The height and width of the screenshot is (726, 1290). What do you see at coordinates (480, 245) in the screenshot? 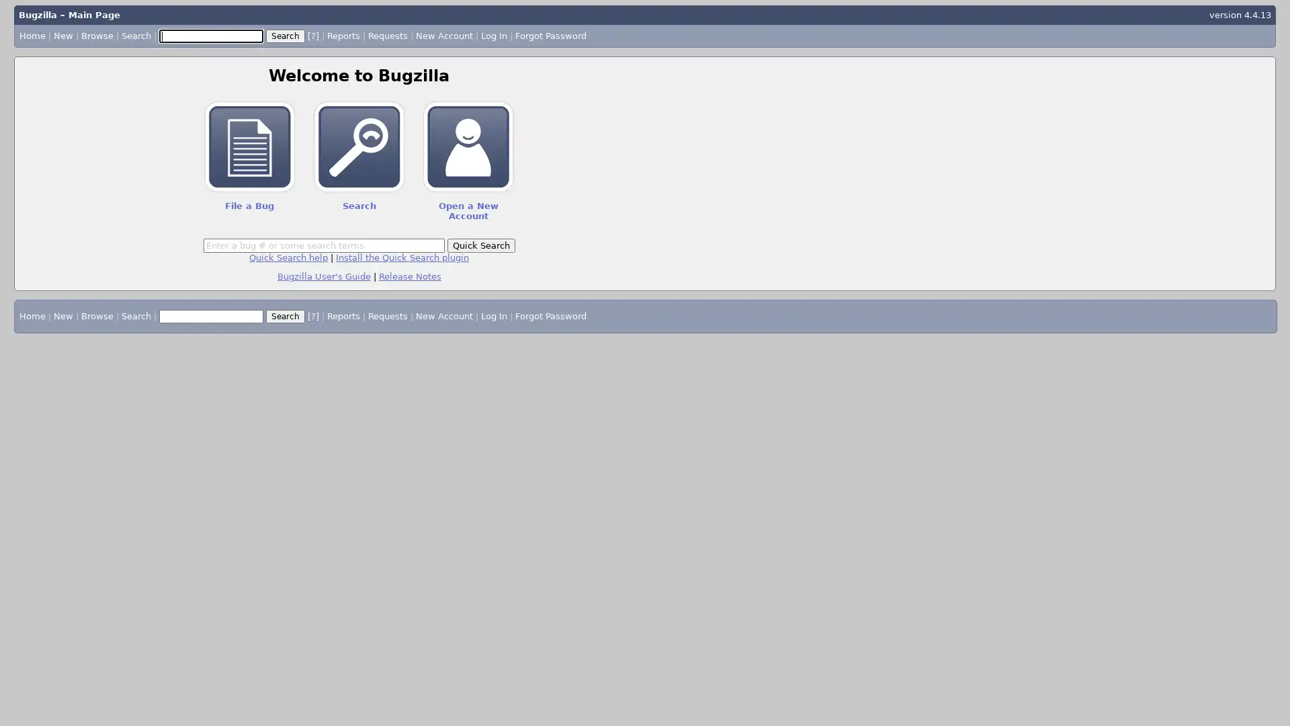
I see `Quick Search` at bounding box center [480, 245].